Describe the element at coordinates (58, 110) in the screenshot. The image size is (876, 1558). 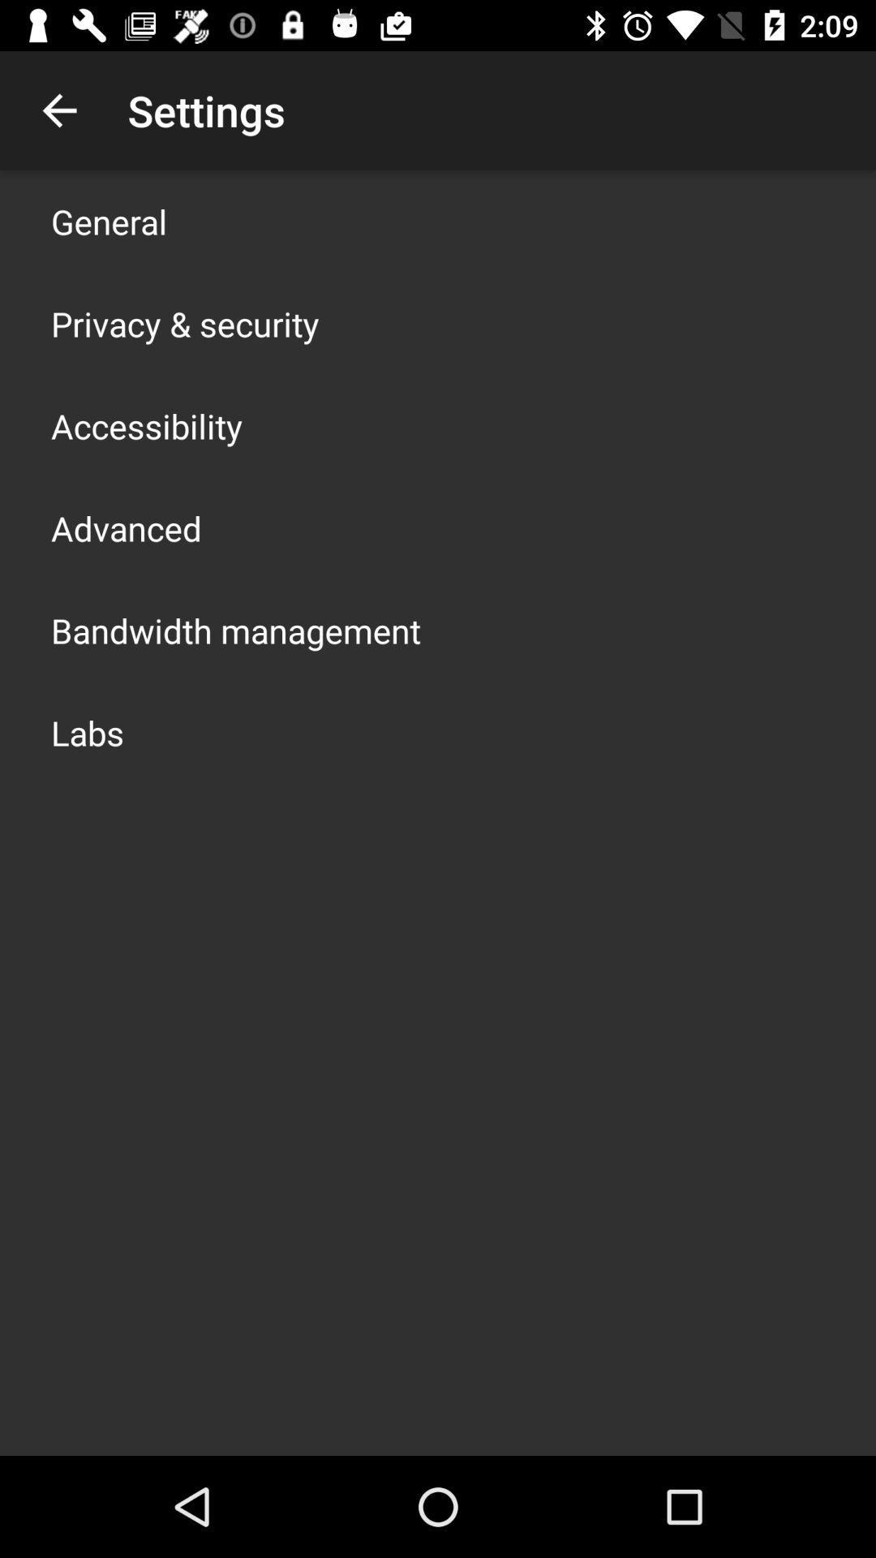
I see `icon to the left of settings item` at that location.